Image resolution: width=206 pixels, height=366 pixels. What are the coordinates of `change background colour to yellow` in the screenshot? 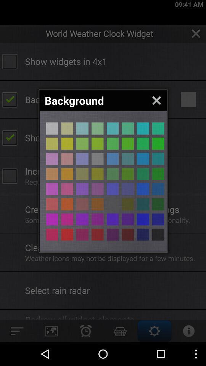 It's located at (97, 204).